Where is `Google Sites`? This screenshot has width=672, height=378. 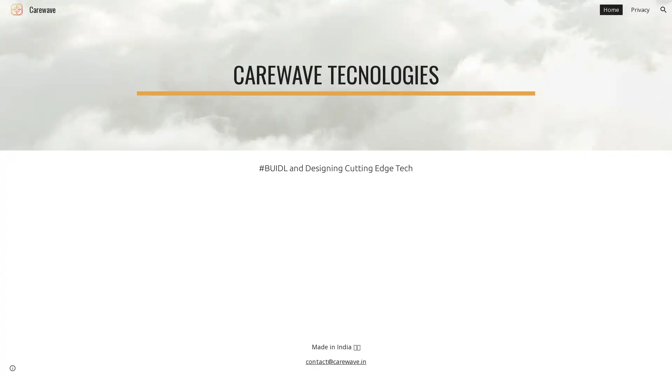 Google Sites is located at coordinates (34, 365).